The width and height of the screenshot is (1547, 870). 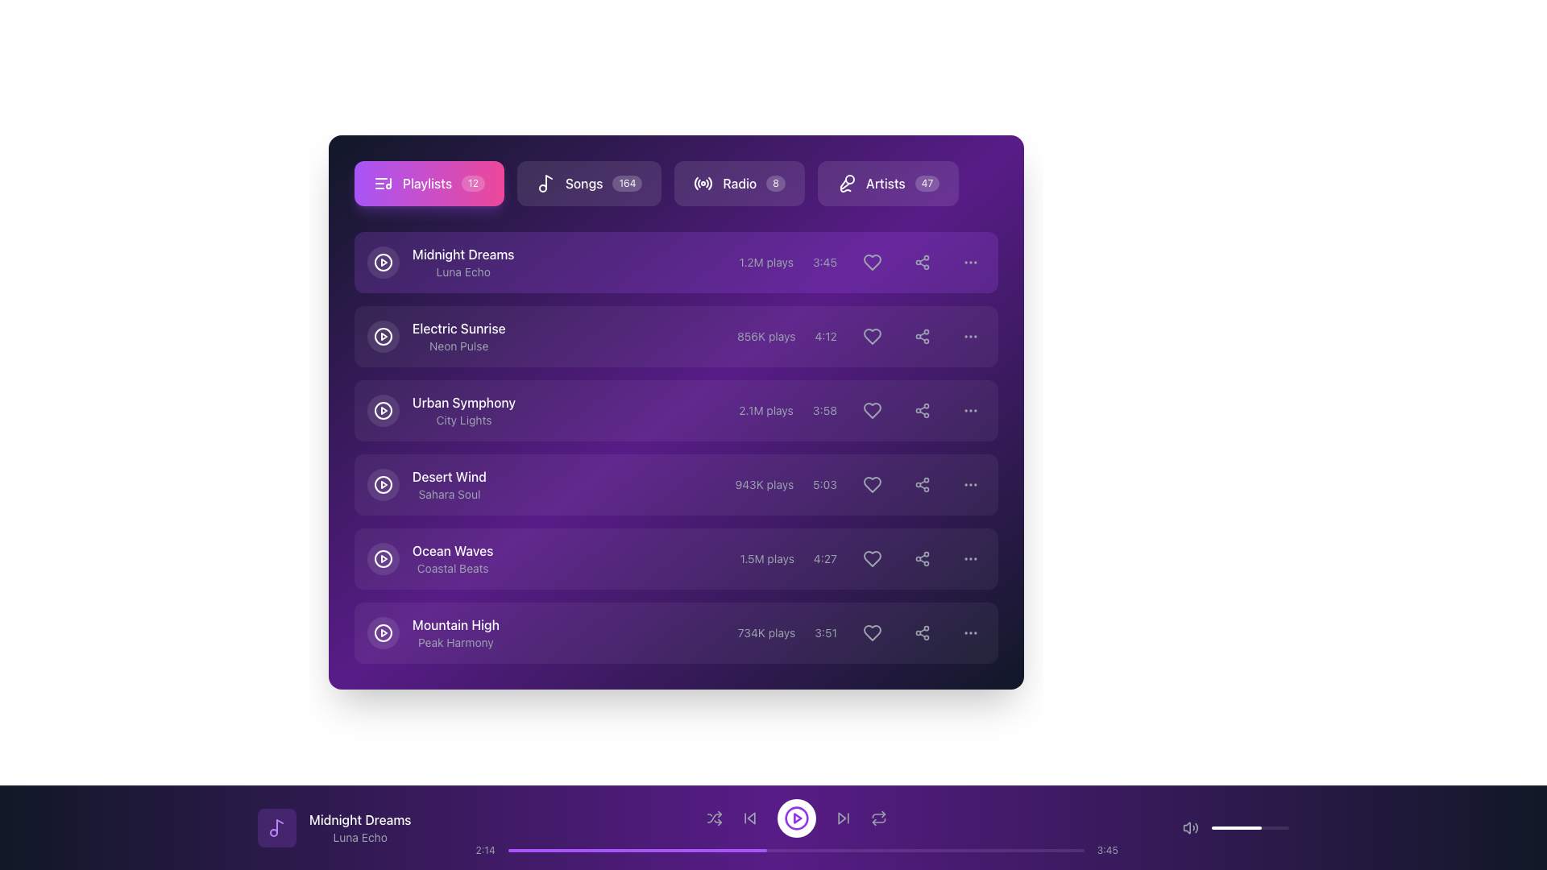 What do you see at coordinates (463, 419) in the screenshot?
I see `the subtitle text label that provides additional context for the 'Urban Symphony' playlist, located in the third row of the playlist interface` at bounding box center [463, 419].